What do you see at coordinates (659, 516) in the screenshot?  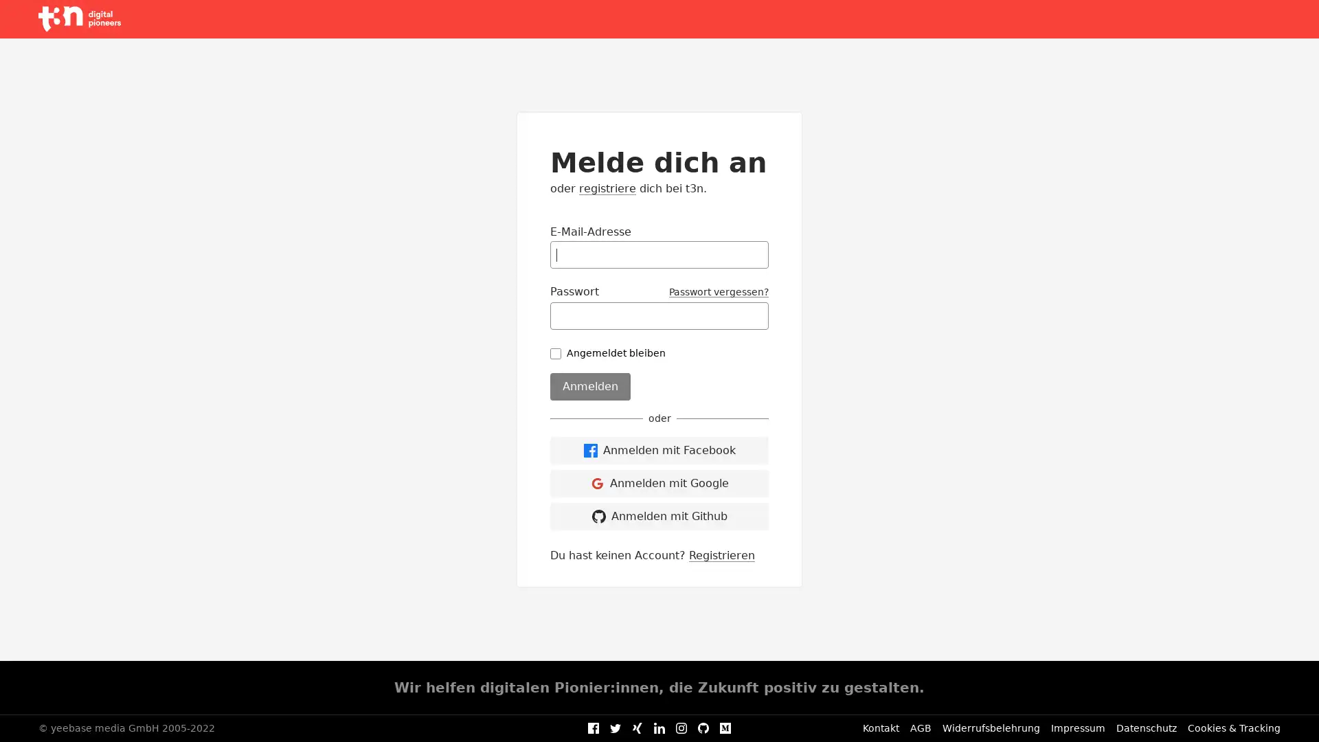 I see `Anmelden mit Github` at bounding box center [659, 516].